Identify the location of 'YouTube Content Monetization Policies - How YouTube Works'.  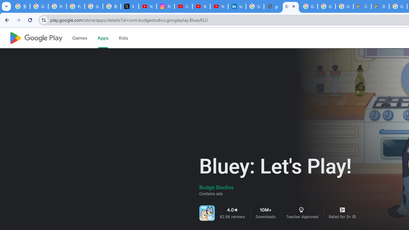
(147, 6).